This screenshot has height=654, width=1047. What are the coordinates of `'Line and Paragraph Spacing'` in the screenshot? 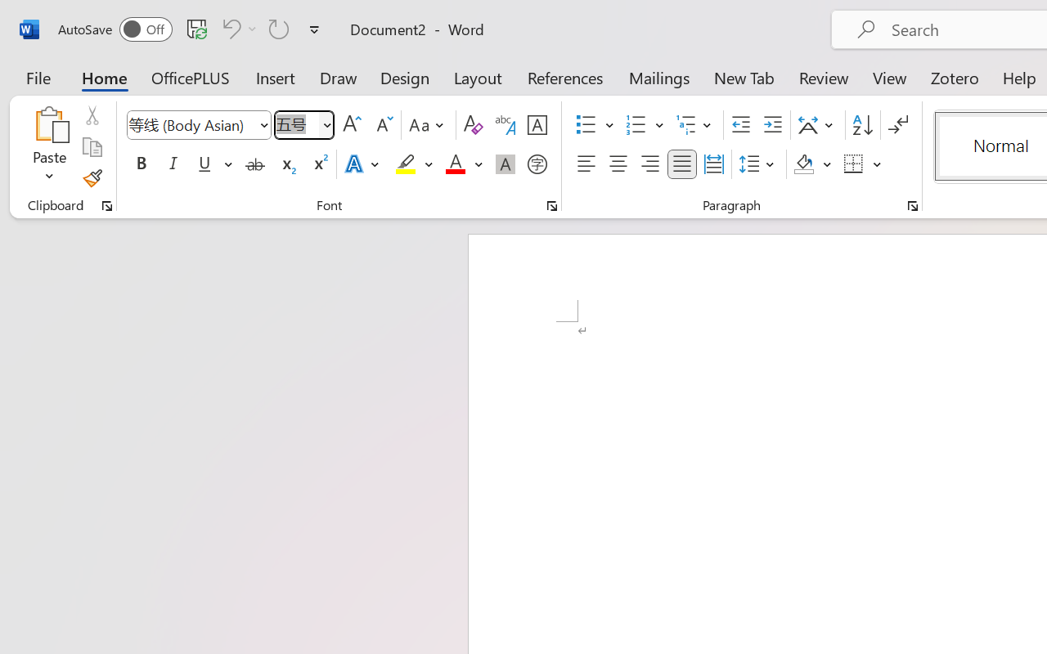 It's located at (758, 164).